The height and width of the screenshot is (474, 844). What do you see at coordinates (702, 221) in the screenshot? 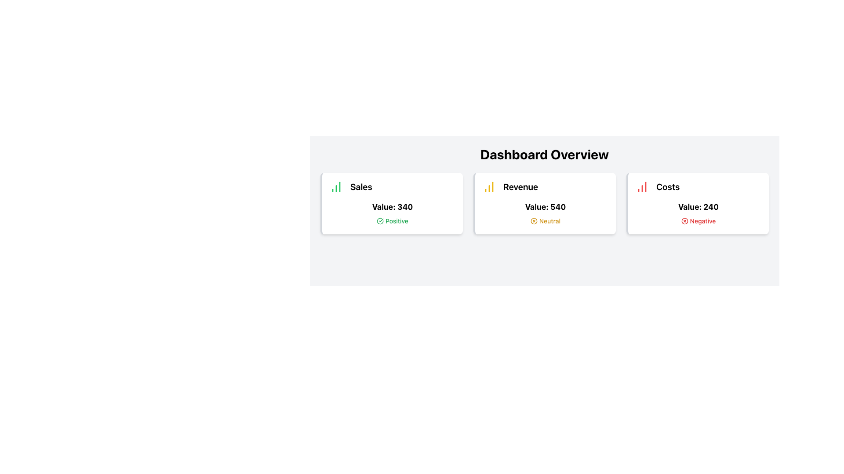
I see `the informational Text Label indicating a negative status related to the 'Costs' statistic, located at the bottom center of the 'Costs' card` at bounding box center [702, 221].